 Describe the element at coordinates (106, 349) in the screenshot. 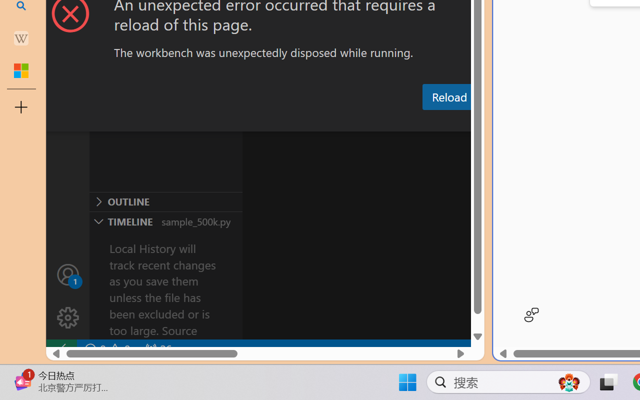

I see `'No Problems'` at that location.